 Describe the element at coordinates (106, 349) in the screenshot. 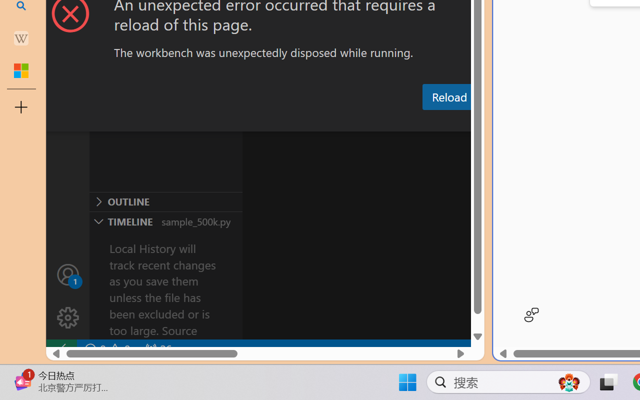

I see `'No Problems'` at that location.